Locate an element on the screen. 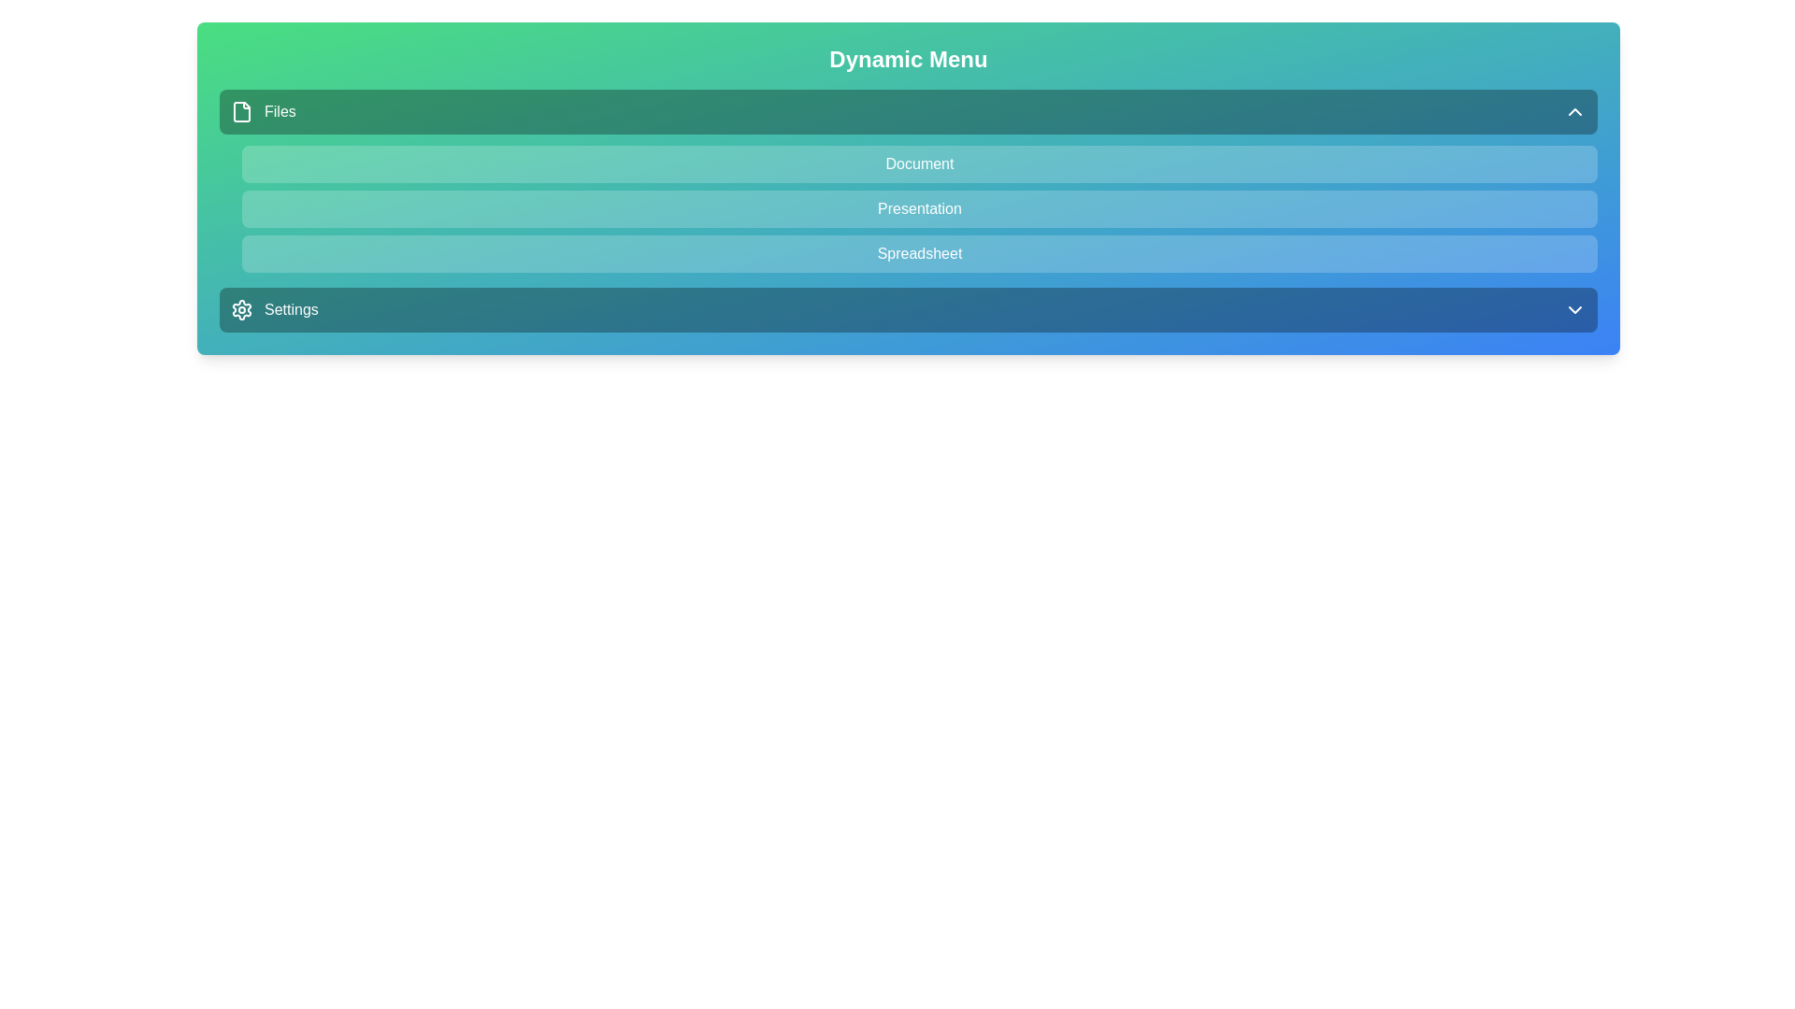 This screenshot has width=1795, height=1009. the settings icon located at the bottom-right section of the main interface is located at coordinates (241, 308).